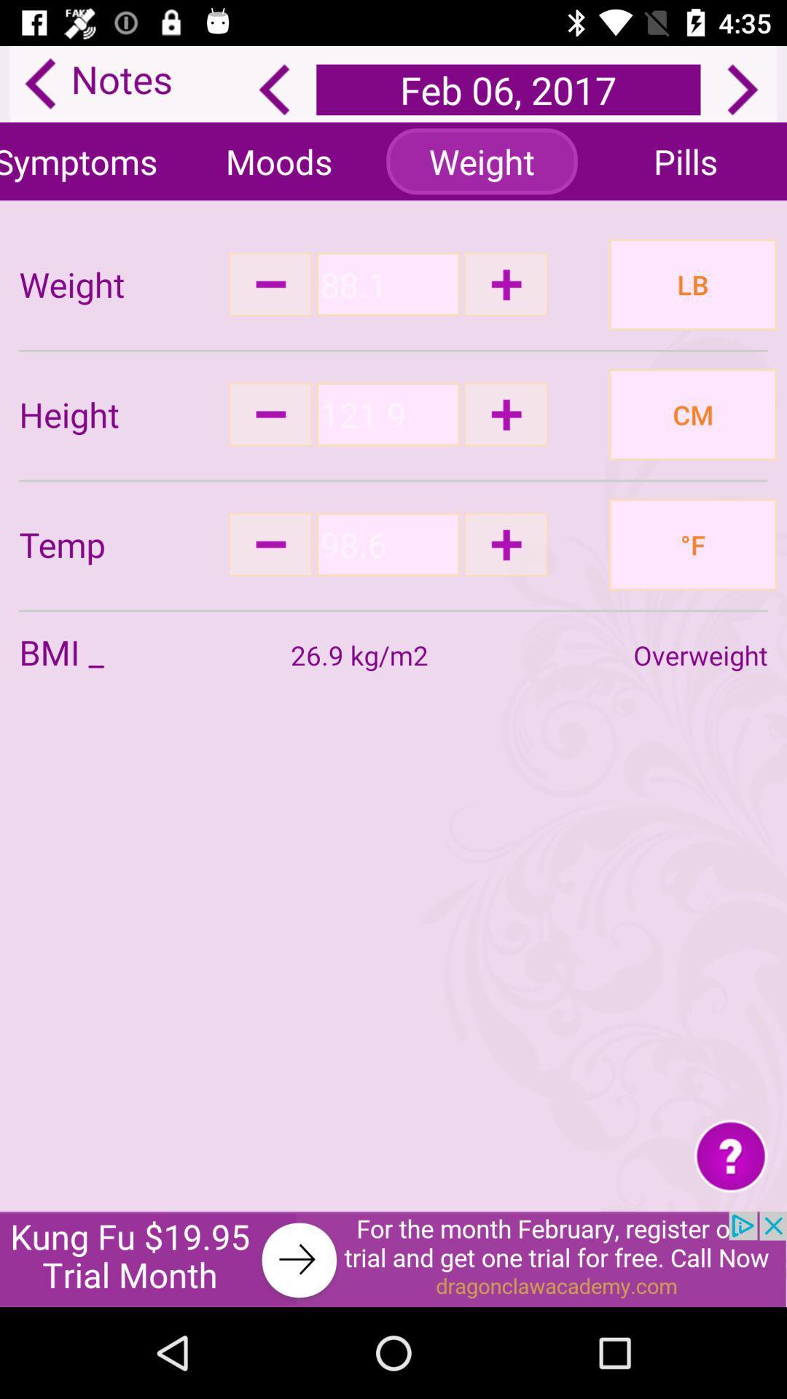 The image size is (787, 1399). What do you see at coordinates (387, 284) in the screenshot?
I see `the weight box` at bounding box center [387, 284].